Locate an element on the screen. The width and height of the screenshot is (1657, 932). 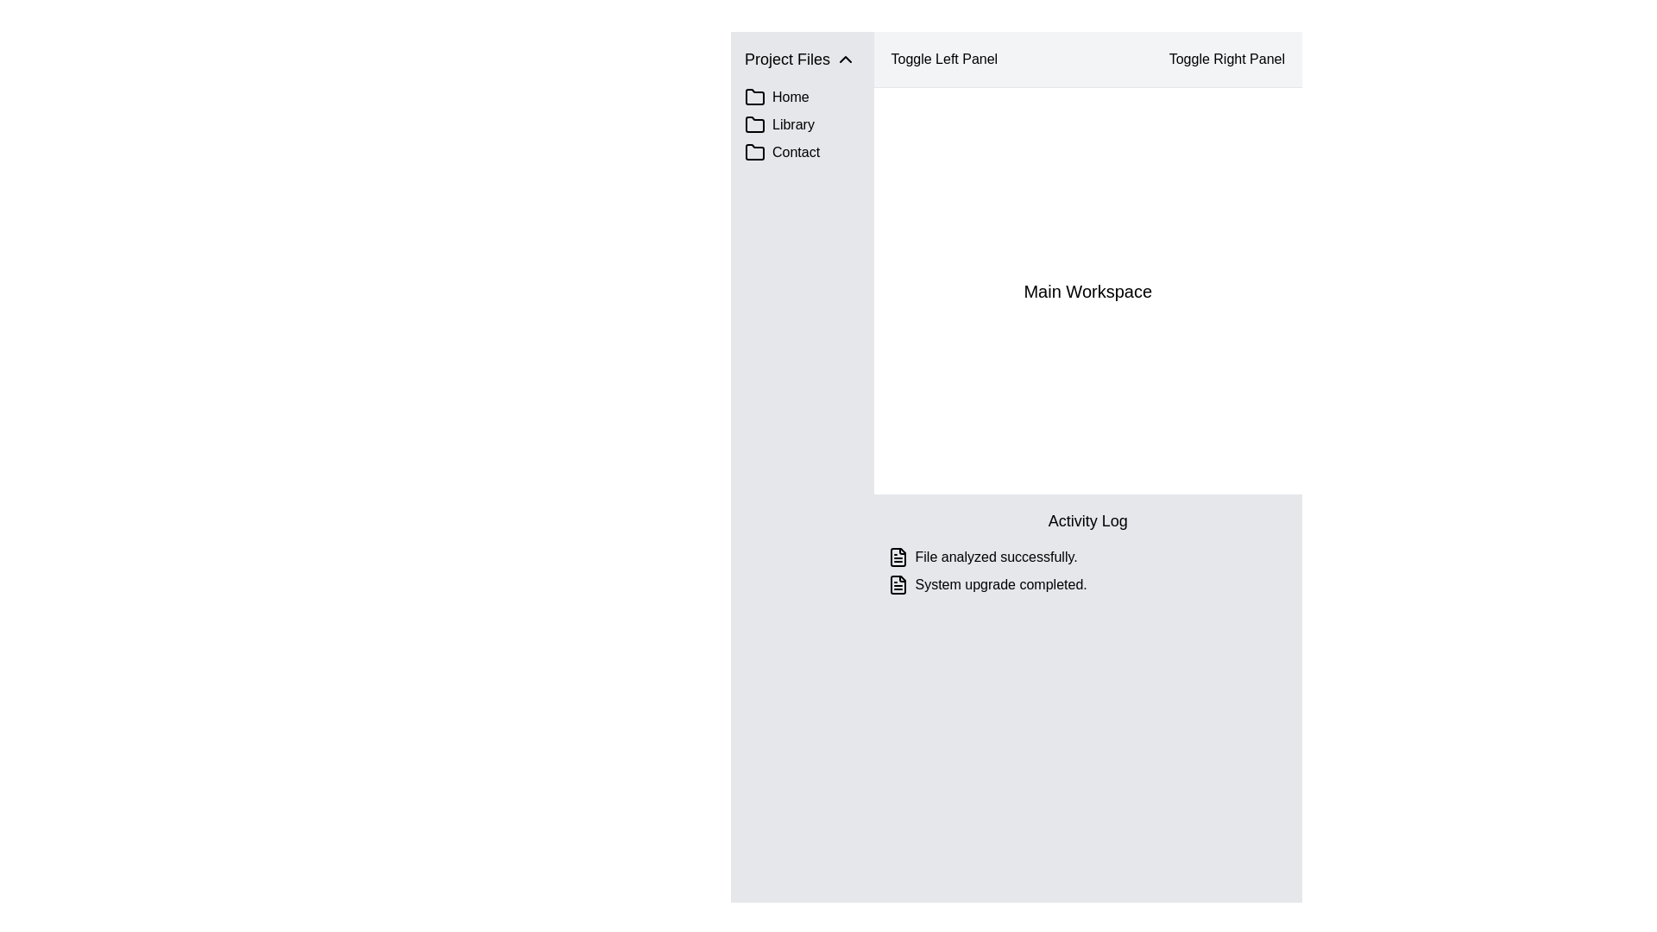
the upward-pointing chevron icon in the 'Project Files' menu is located at coordinates (845, 59).